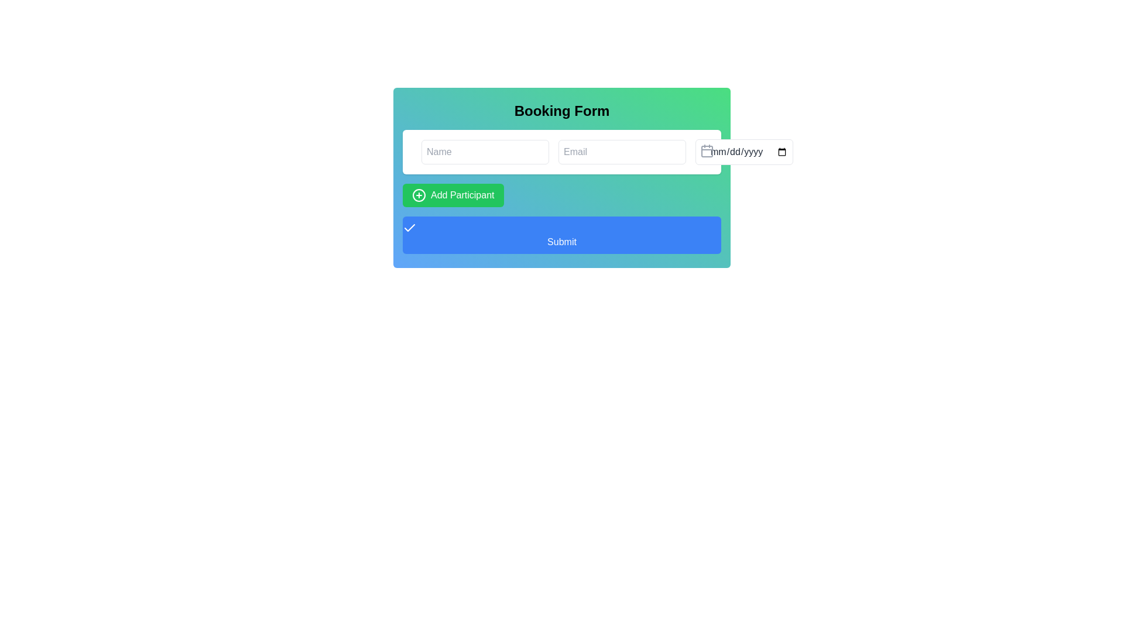  I want to click on a date from the calendar popup by clicking on the Date Input Field, which is the third field in the form, styled to accept a date value and featuring a calendar icon, so click(743, 151).